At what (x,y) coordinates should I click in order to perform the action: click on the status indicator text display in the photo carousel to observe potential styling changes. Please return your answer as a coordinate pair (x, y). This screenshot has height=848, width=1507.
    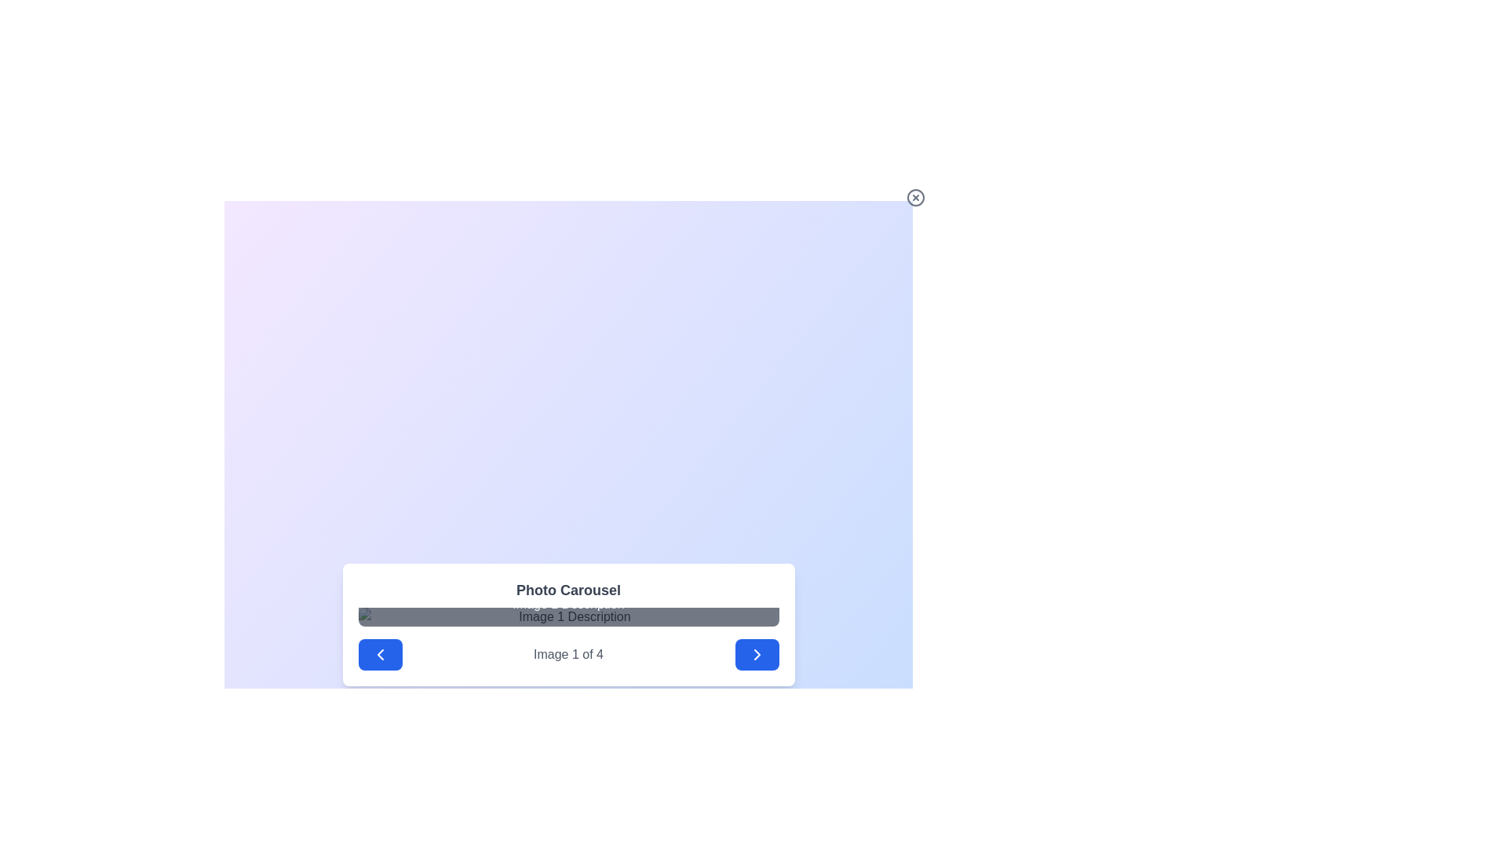
    Looking at the image, I should click on (567, 654).